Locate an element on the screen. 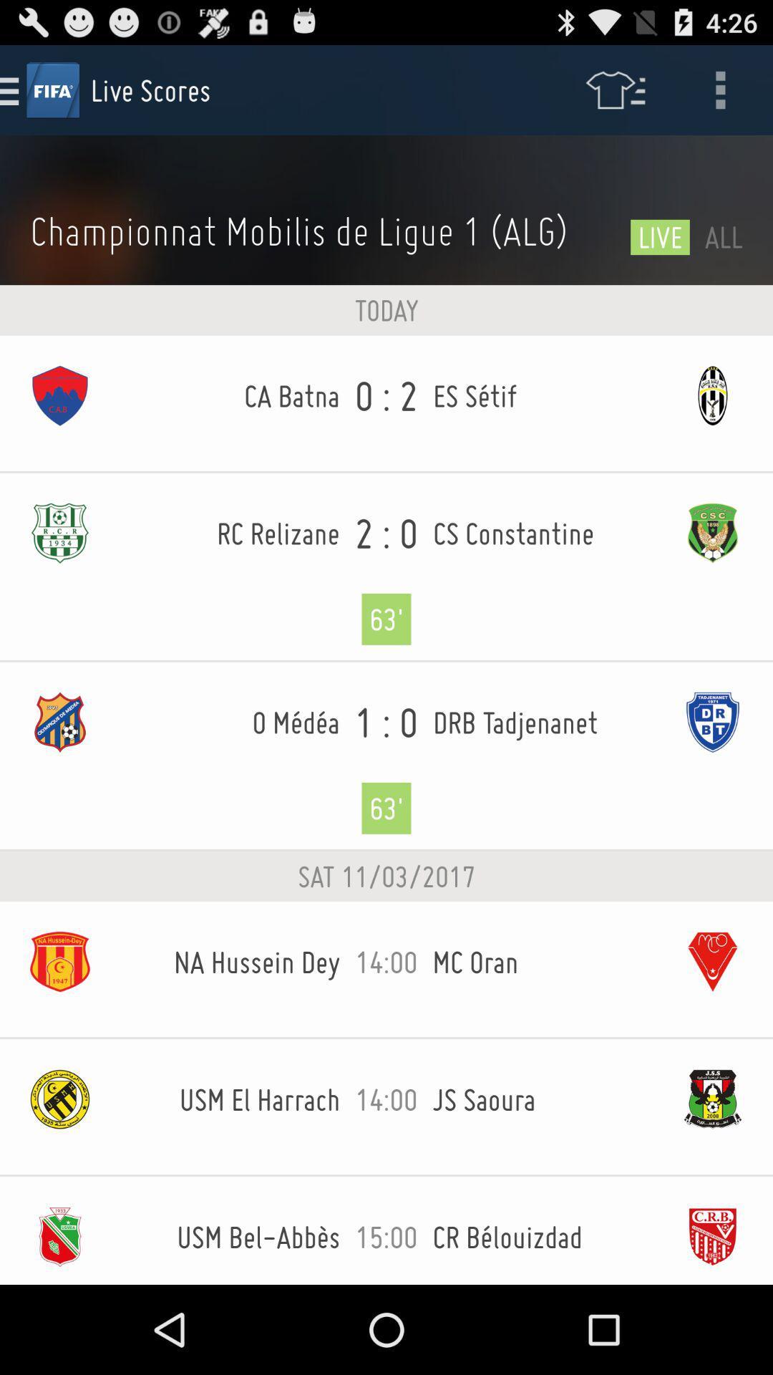 The image size is (773, 1375). the icon next to the 0 : 2 is located at coordinates (543, 395).